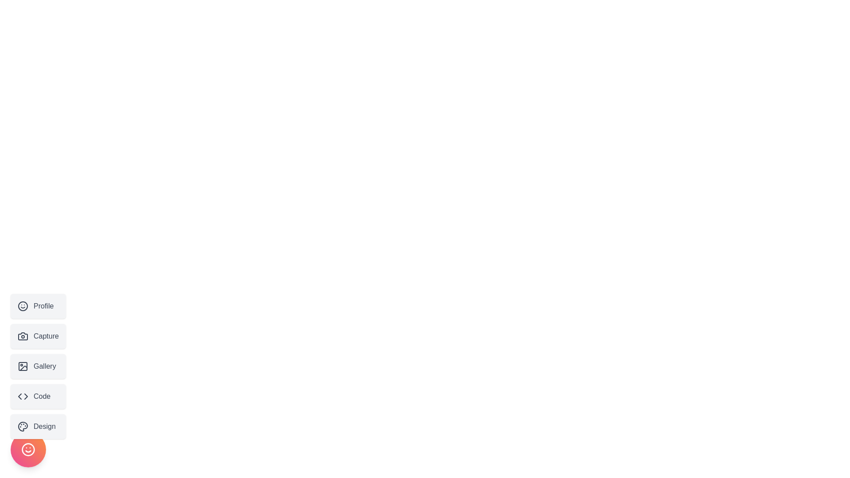 The image size is (850, 478). Describe the element at coordinates (23, 336) in the screenshot. I see `the camera icon located to the left of the 'Capture' text in the vertical menu` at that location.